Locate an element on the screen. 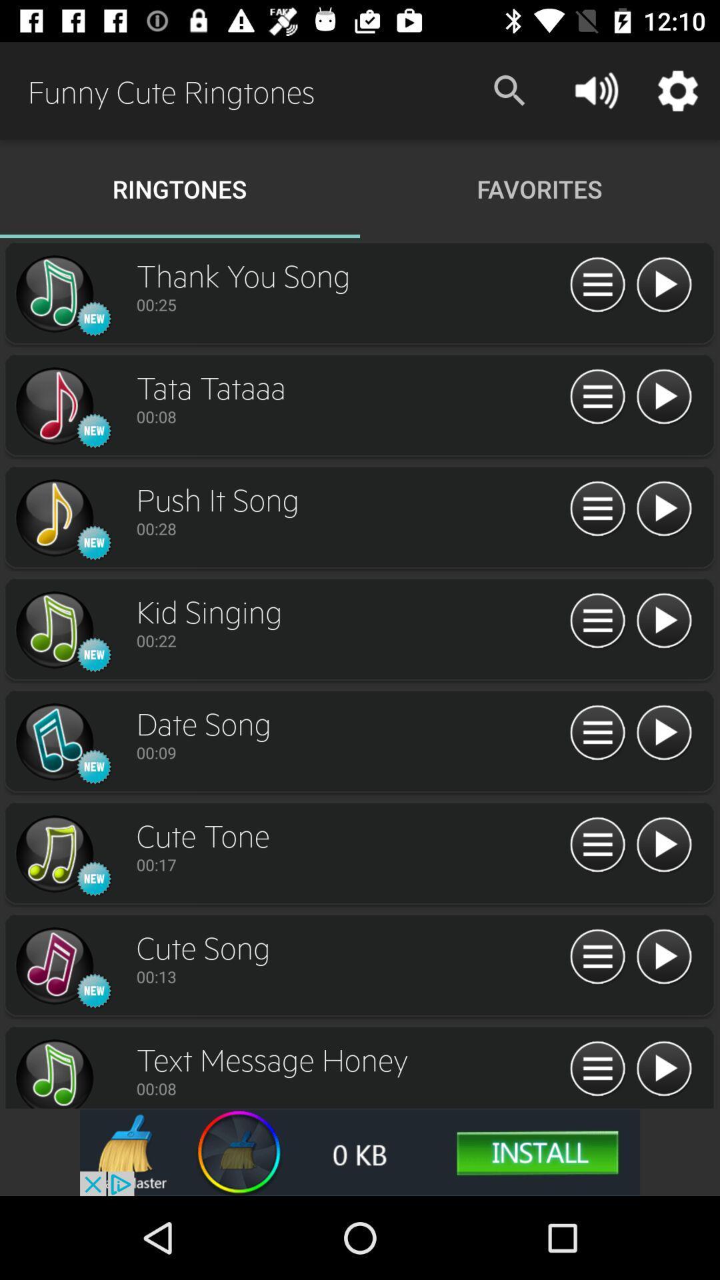 The height and width of the screenshot is (1280, 720). menu is located at coordinates (597, 733).